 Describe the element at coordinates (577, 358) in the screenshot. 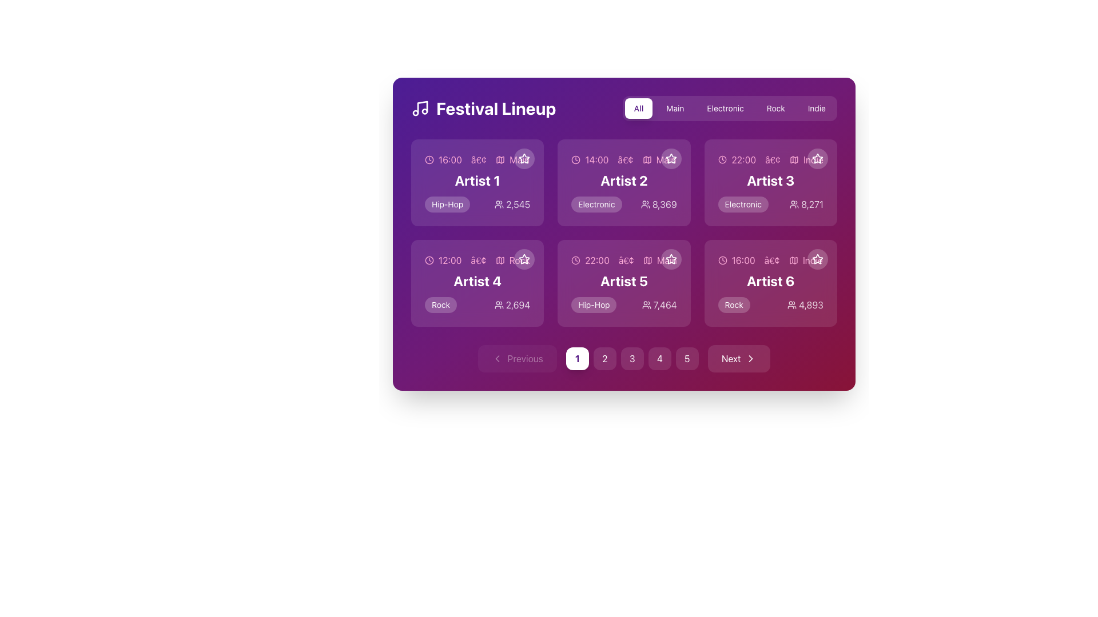

I see `the small rounded square button with a white background and the number '1' in bold purple text` at that location.